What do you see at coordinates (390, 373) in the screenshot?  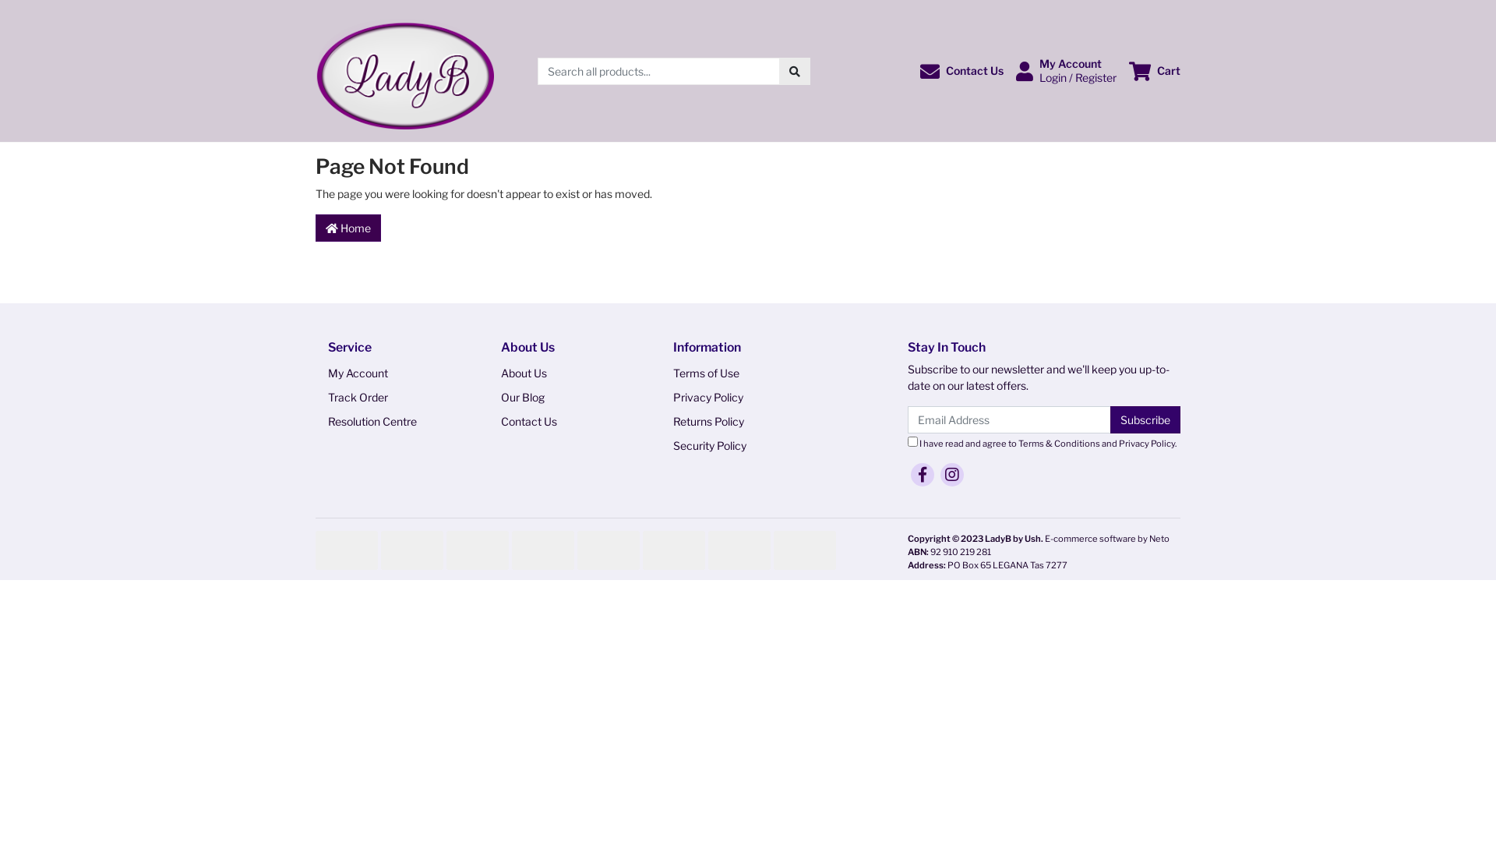 I see `'My Account'` at bounding box center [390, 373].